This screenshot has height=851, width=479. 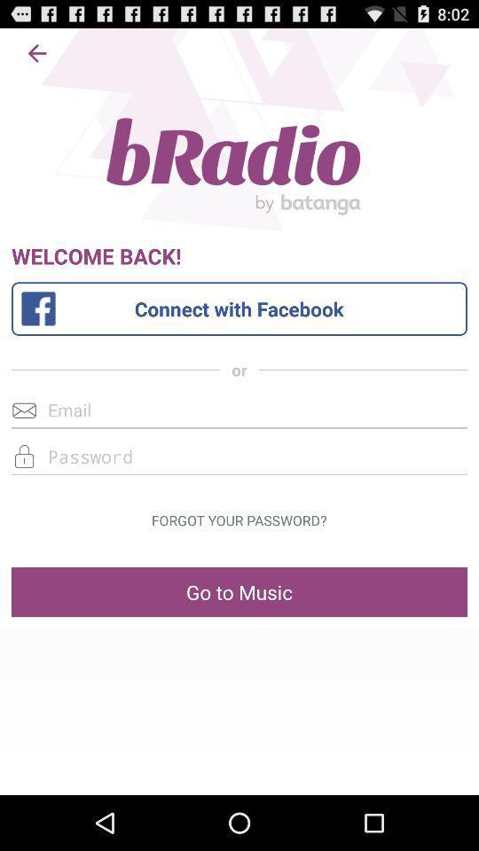 What do you see at coordinates (239, 410) in the screenshot?
I see `type in email address` at bounding box center [239, 410].